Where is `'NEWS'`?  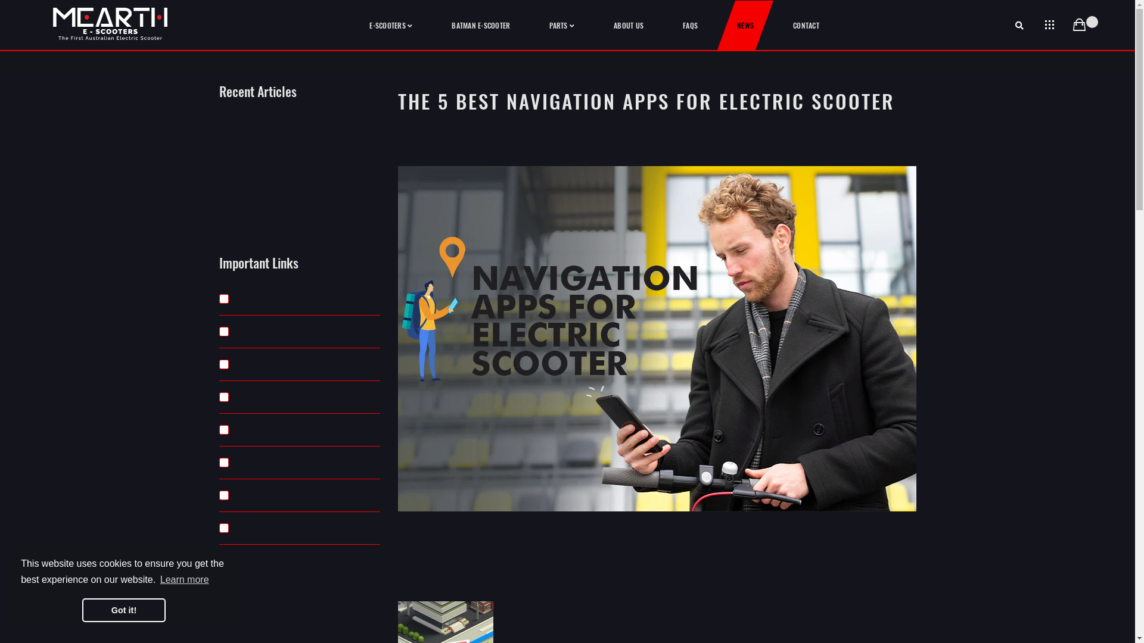
'NEWS' is located at coordinates (745, 25).